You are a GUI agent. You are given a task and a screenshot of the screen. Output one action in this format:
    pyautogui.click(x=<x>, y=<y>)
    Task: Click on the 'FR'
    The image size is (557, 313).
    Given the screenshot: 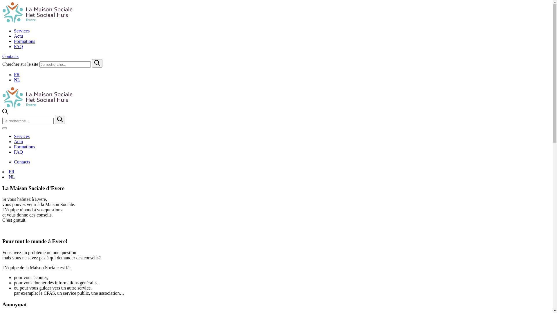 What is the action you would take?
    pyautogui.click(x=8, y=171)
    